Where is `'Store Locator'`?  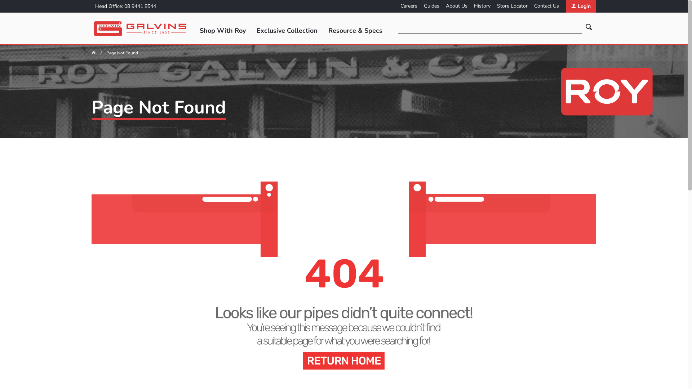
'Store Locator' is located at coordinates (512, 6).